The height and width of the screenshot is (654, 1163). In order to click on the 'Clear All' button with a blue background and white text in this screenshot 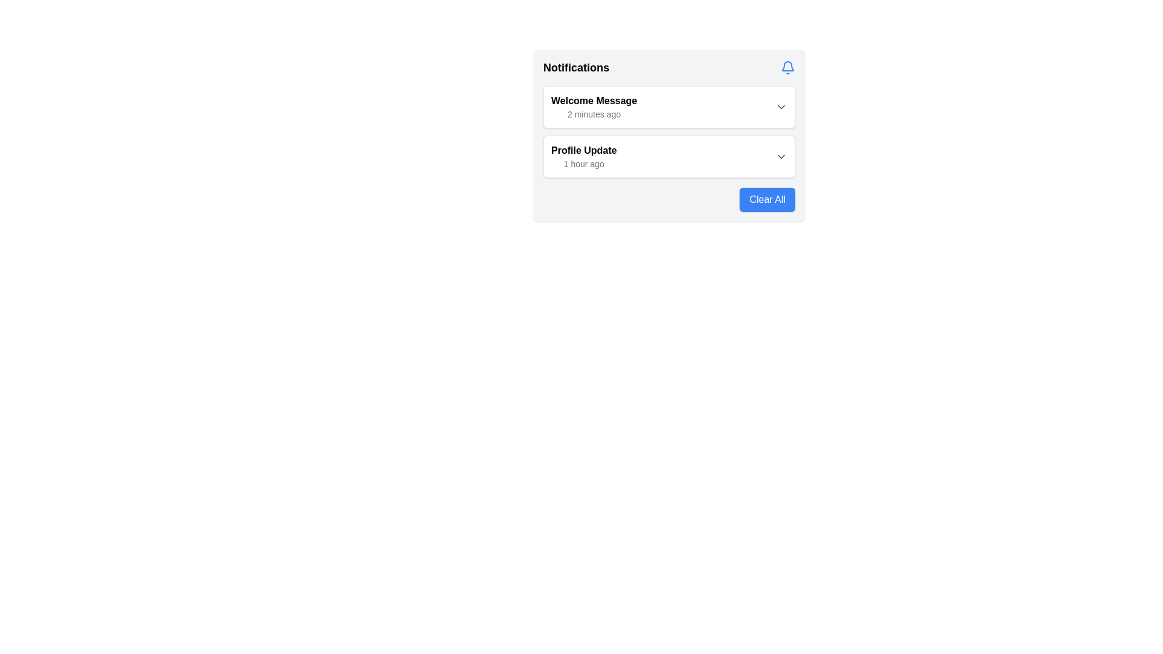, I will do `click(767, 199)`.